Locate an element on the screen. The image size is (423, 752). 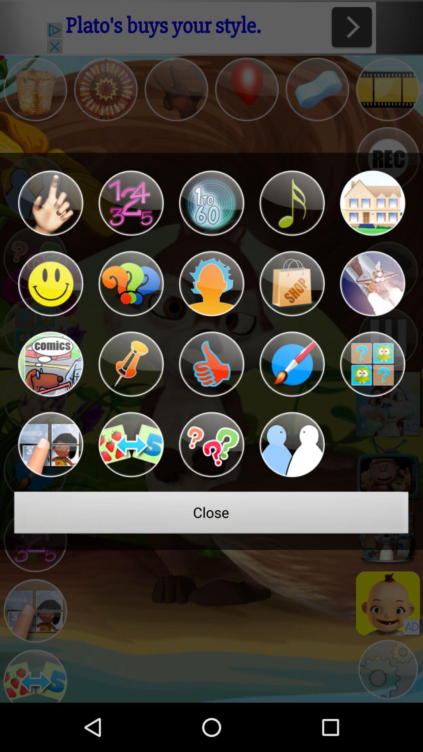
thumbs up is located at coordinates (211, 364).